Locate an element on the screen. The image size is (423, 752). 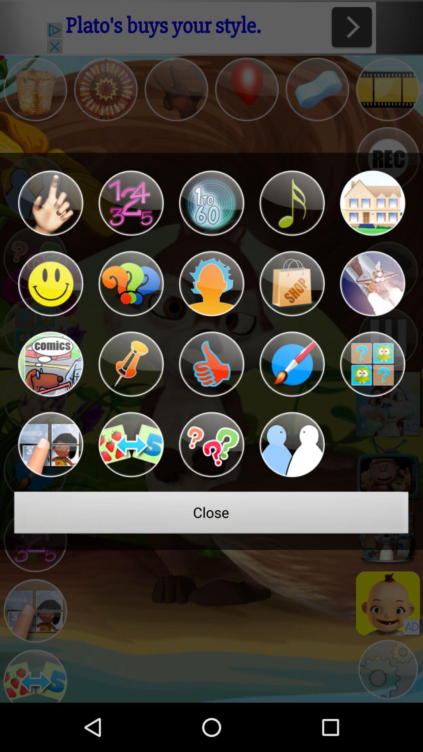
thumbs up is located at coordinates (211, 364).